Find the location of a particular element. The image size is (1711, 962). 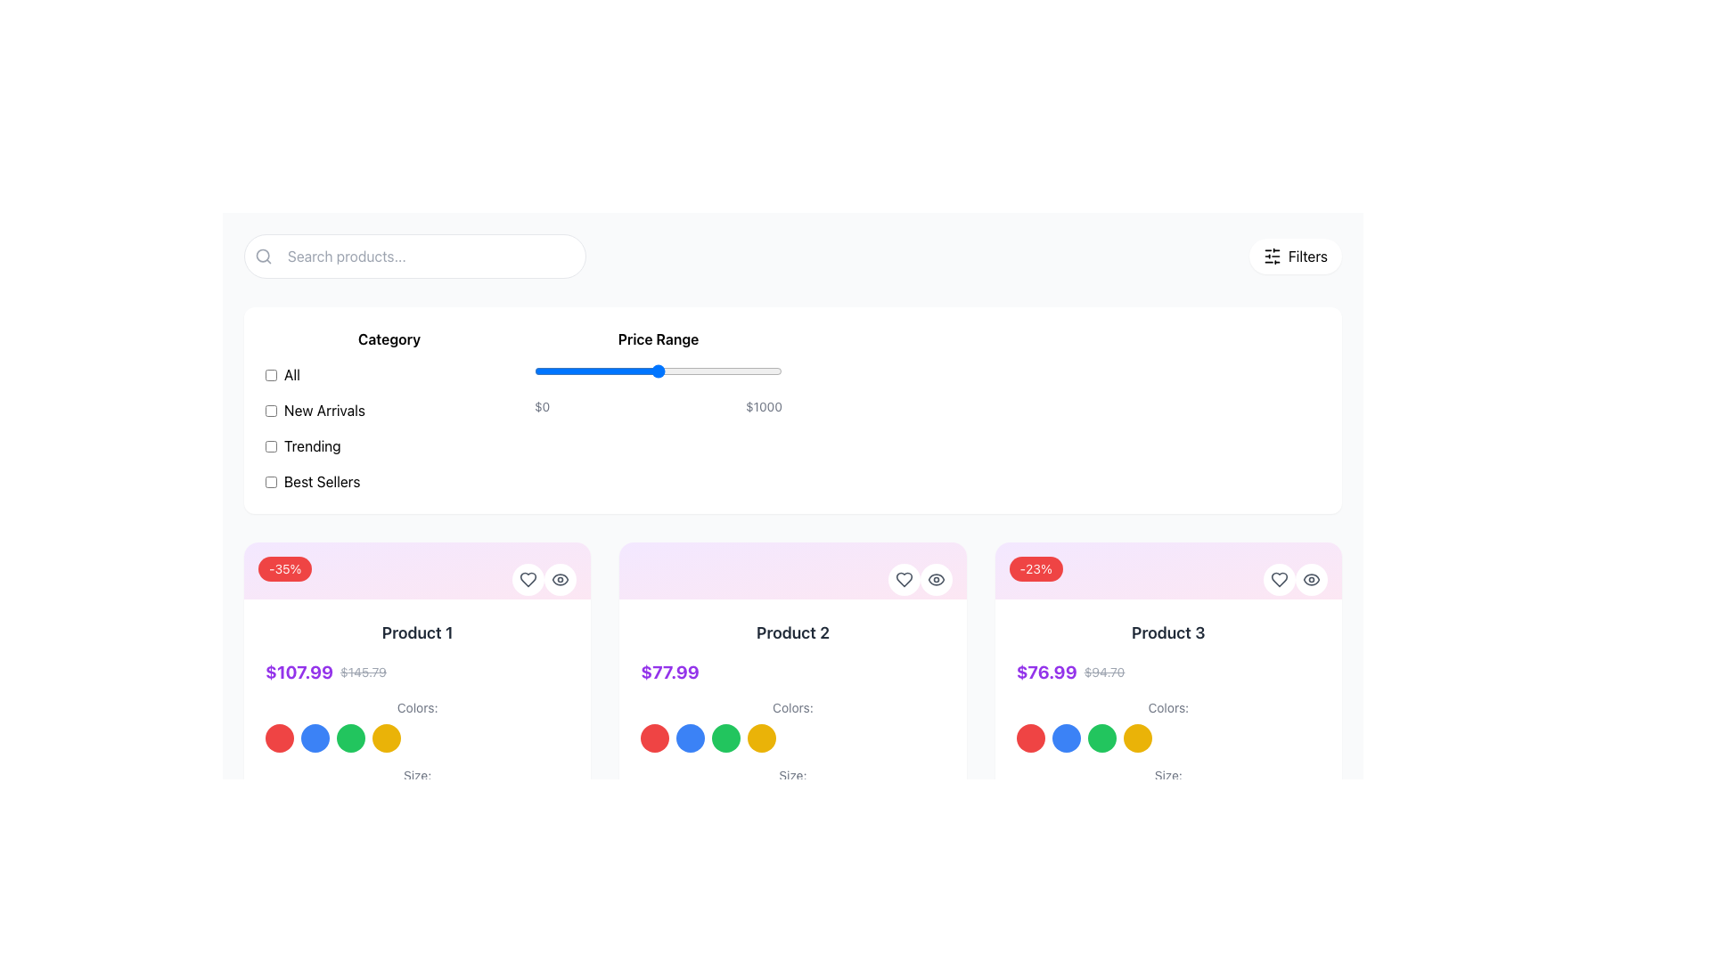

the Icon button located in the top-right corner of the 'Product 2' card is located at coordinates (935, 580).